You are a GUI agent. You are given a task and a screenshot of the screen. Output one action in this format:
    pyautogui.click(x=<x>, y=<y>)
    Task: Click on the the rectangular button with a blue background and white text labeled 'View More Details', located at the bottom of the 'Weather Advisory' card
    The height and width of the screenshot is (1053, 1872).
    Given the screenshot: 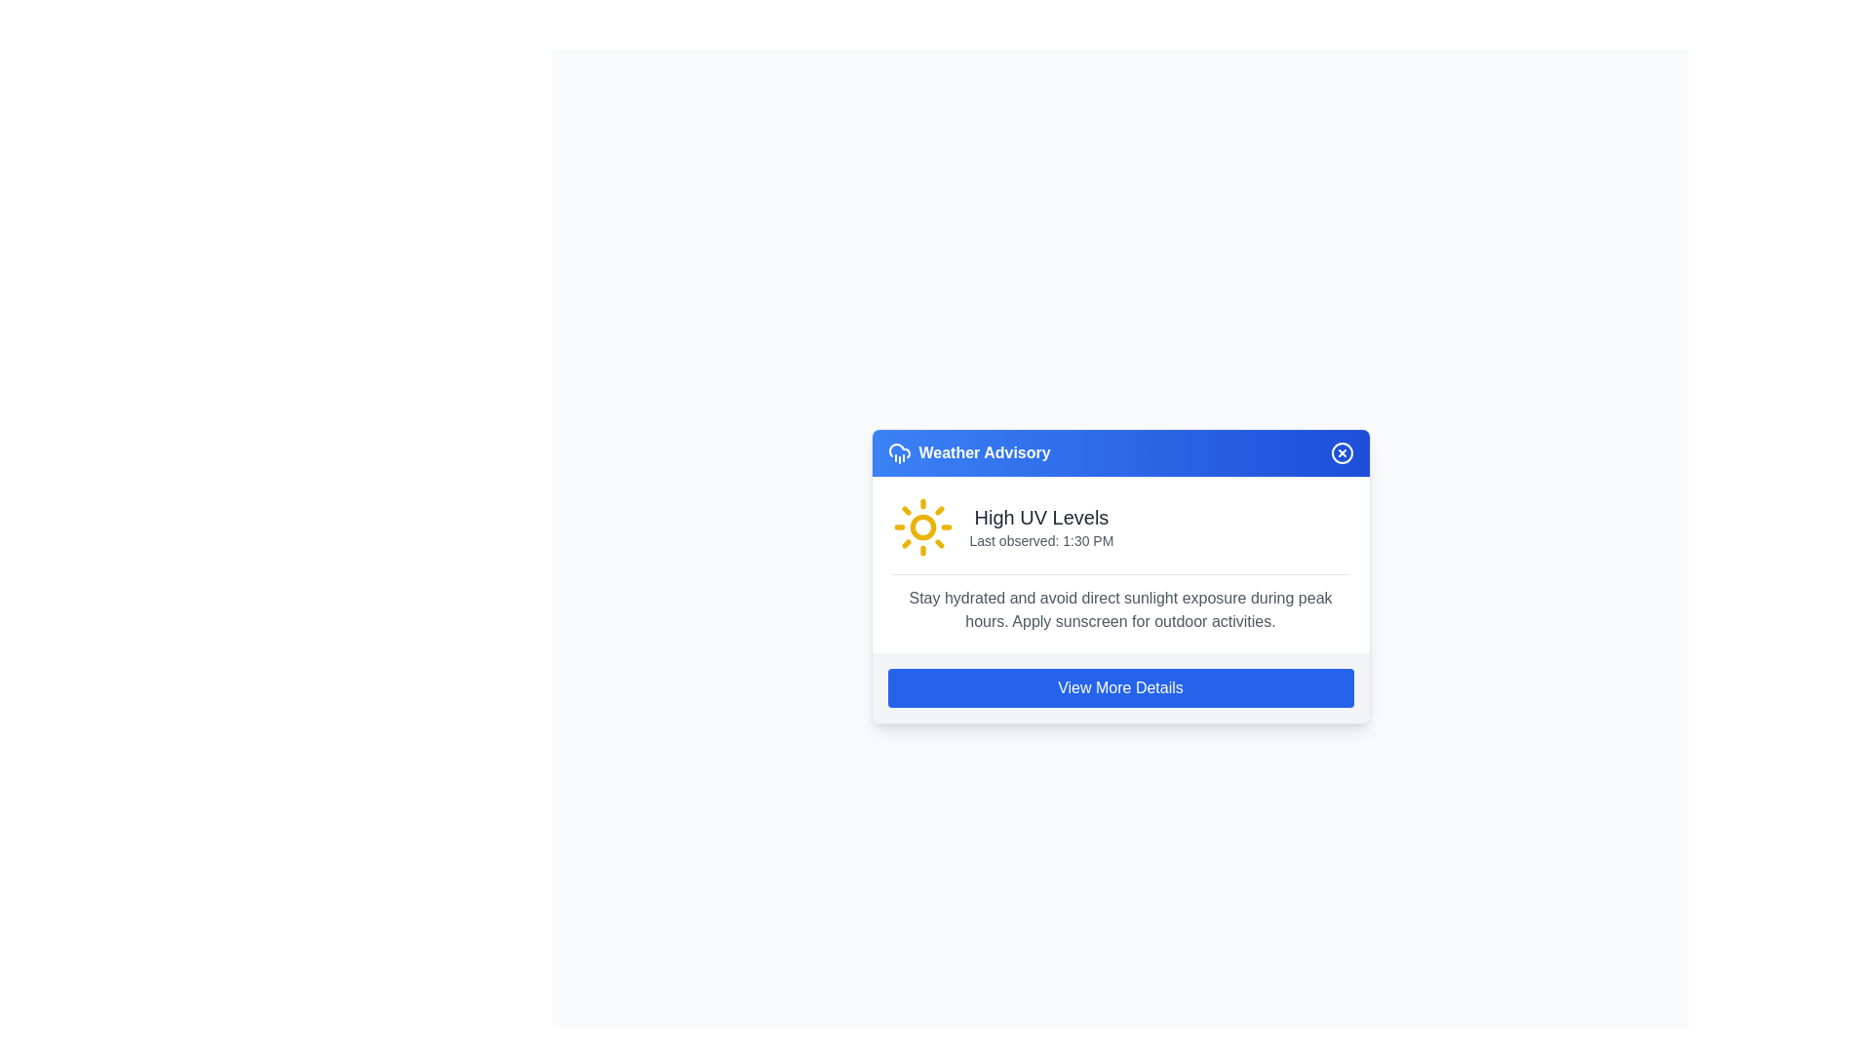 What is the action you would take?
    pyautogui.click(x=1120, y=686)
    